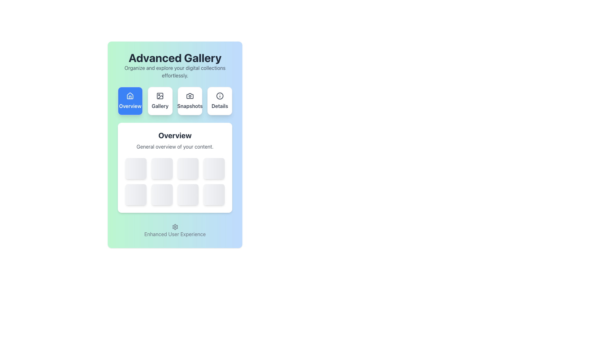 The height and width of the screenshot is (340, 605). What do you see at coordinates (175, 58) in the screenshot?
I see `title 'Advanced Gallery' which is a bold, gray text displayed prominently at the top of the section` at bounding box center [175, 58].